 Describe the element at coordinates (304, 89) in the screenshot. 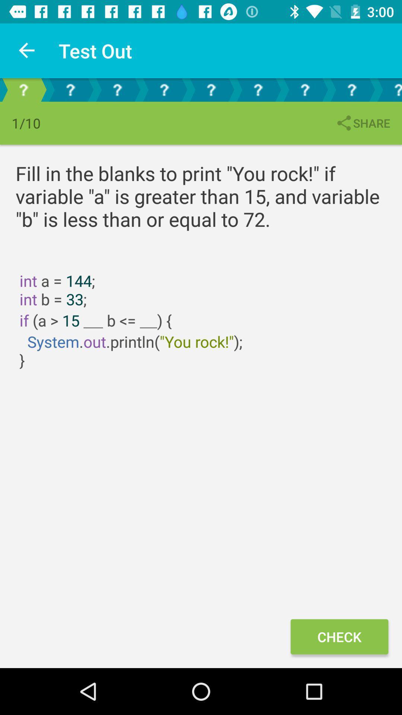

I see `the help icon` at that location.